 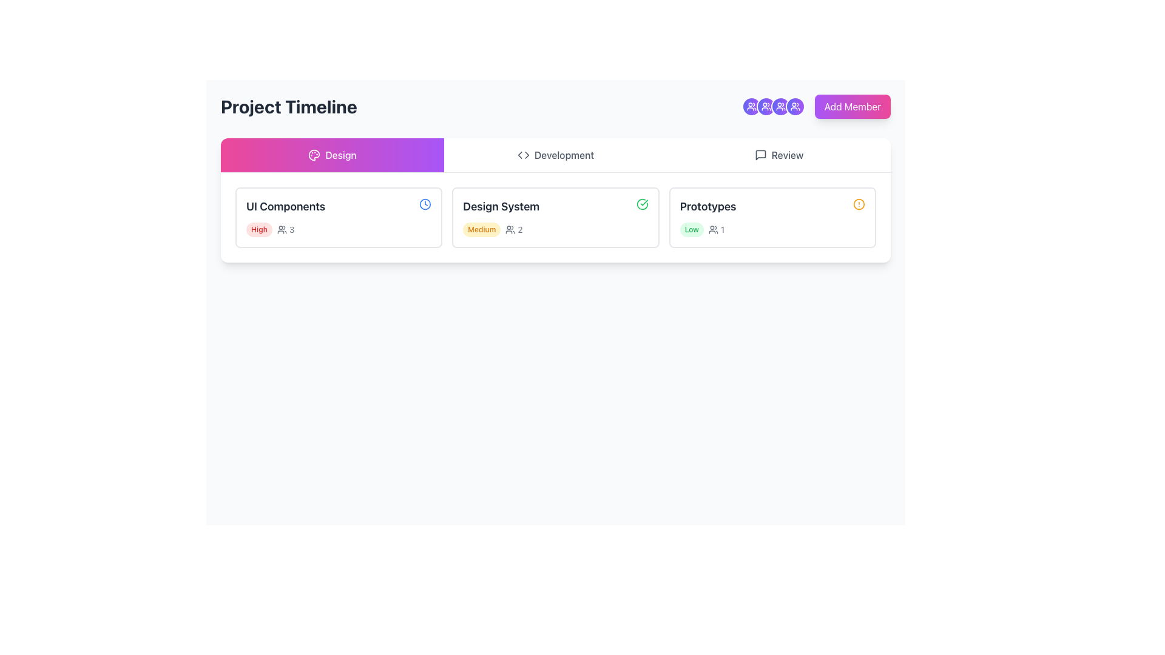 I want to click on the Text label indicating a feature or button related to reviewing tasks or projects, located on the right side of the interface near the top portion, so click(x=787, y=154).